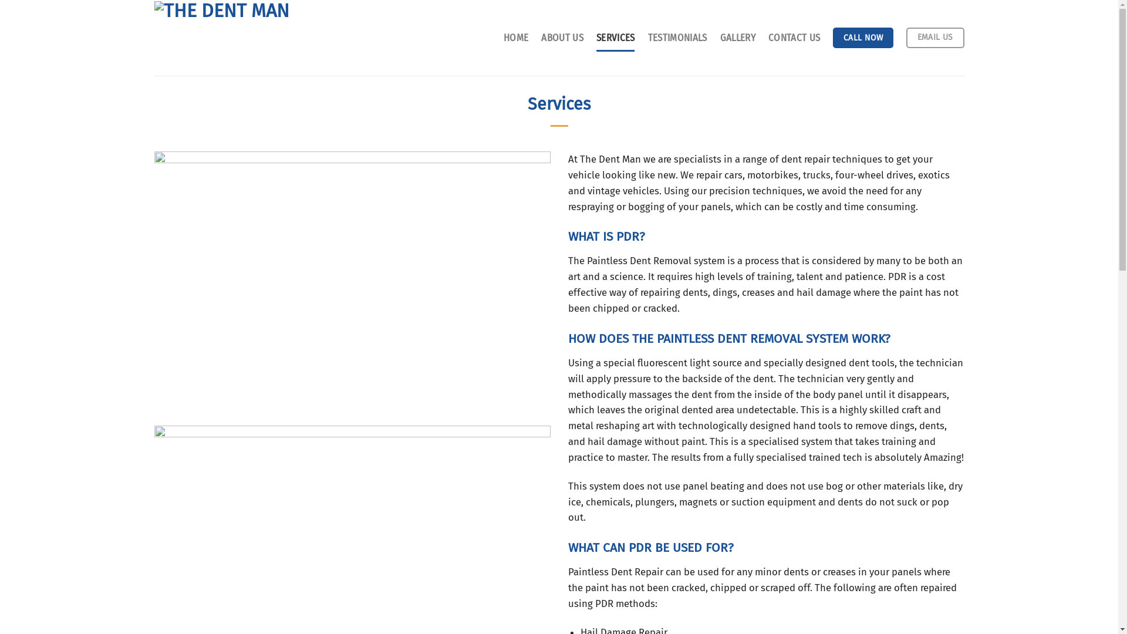  What do you see at coordinates (0, 0) in the screenshot?
I see `'Skip to content'` at bounding box center [0, 0].